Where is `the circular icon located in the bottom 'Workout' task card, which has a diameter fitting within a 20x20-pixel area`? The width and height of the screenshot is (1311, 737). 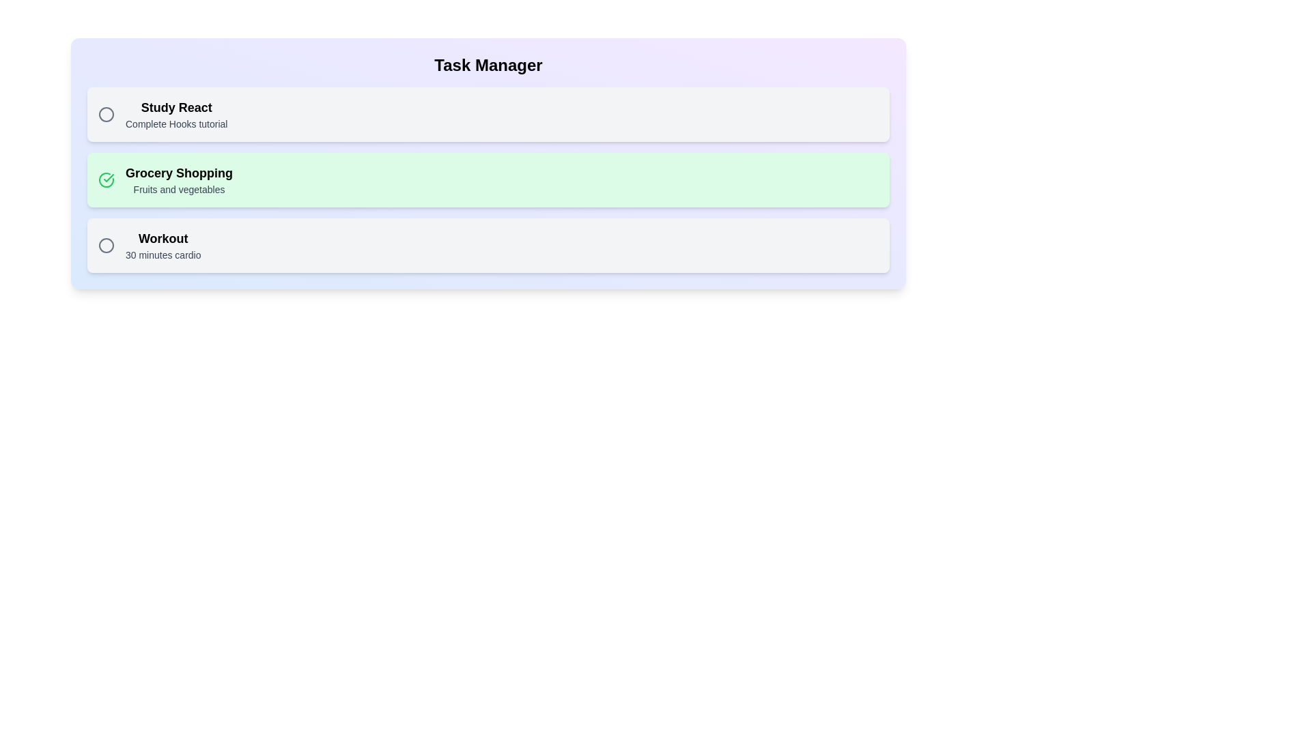
the circular icon located in the bottom 'Workout' task card, which has a diameter fitting within a 20x20-pixel area is located at coordinates (106, 244).